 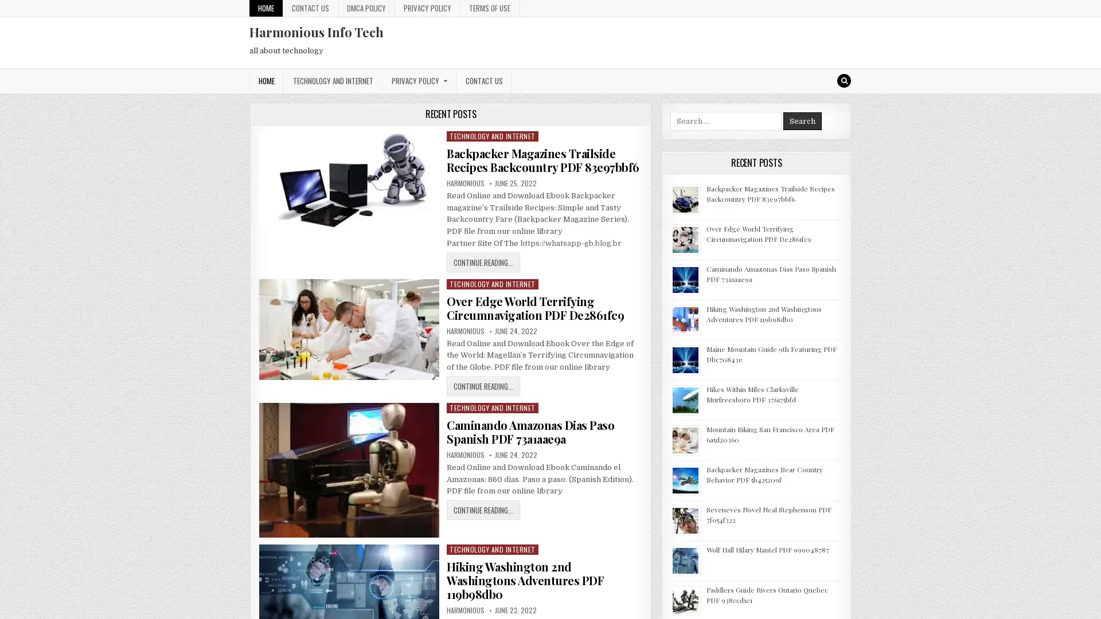 What do you see at coordinates (802, 121) in the screenshot?
I see `Search` at bounding box center [802, 121].